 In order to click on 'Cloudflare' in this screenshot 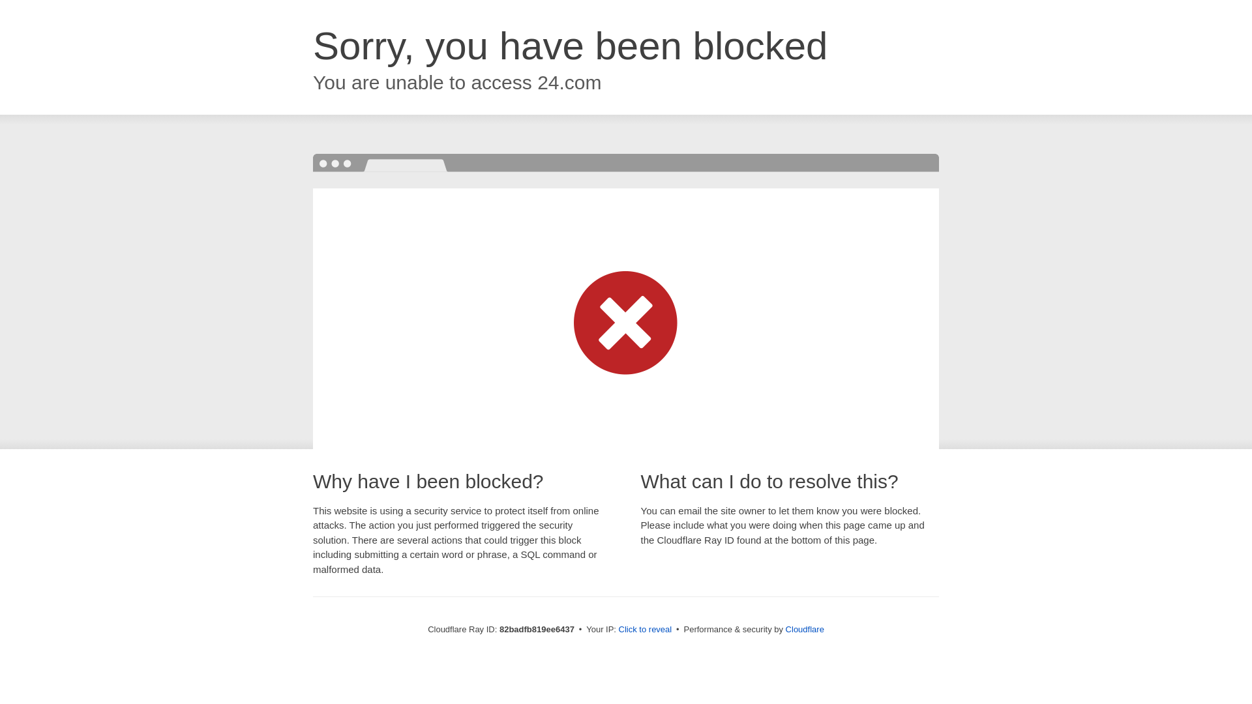, I will do `click(804, 628)`.